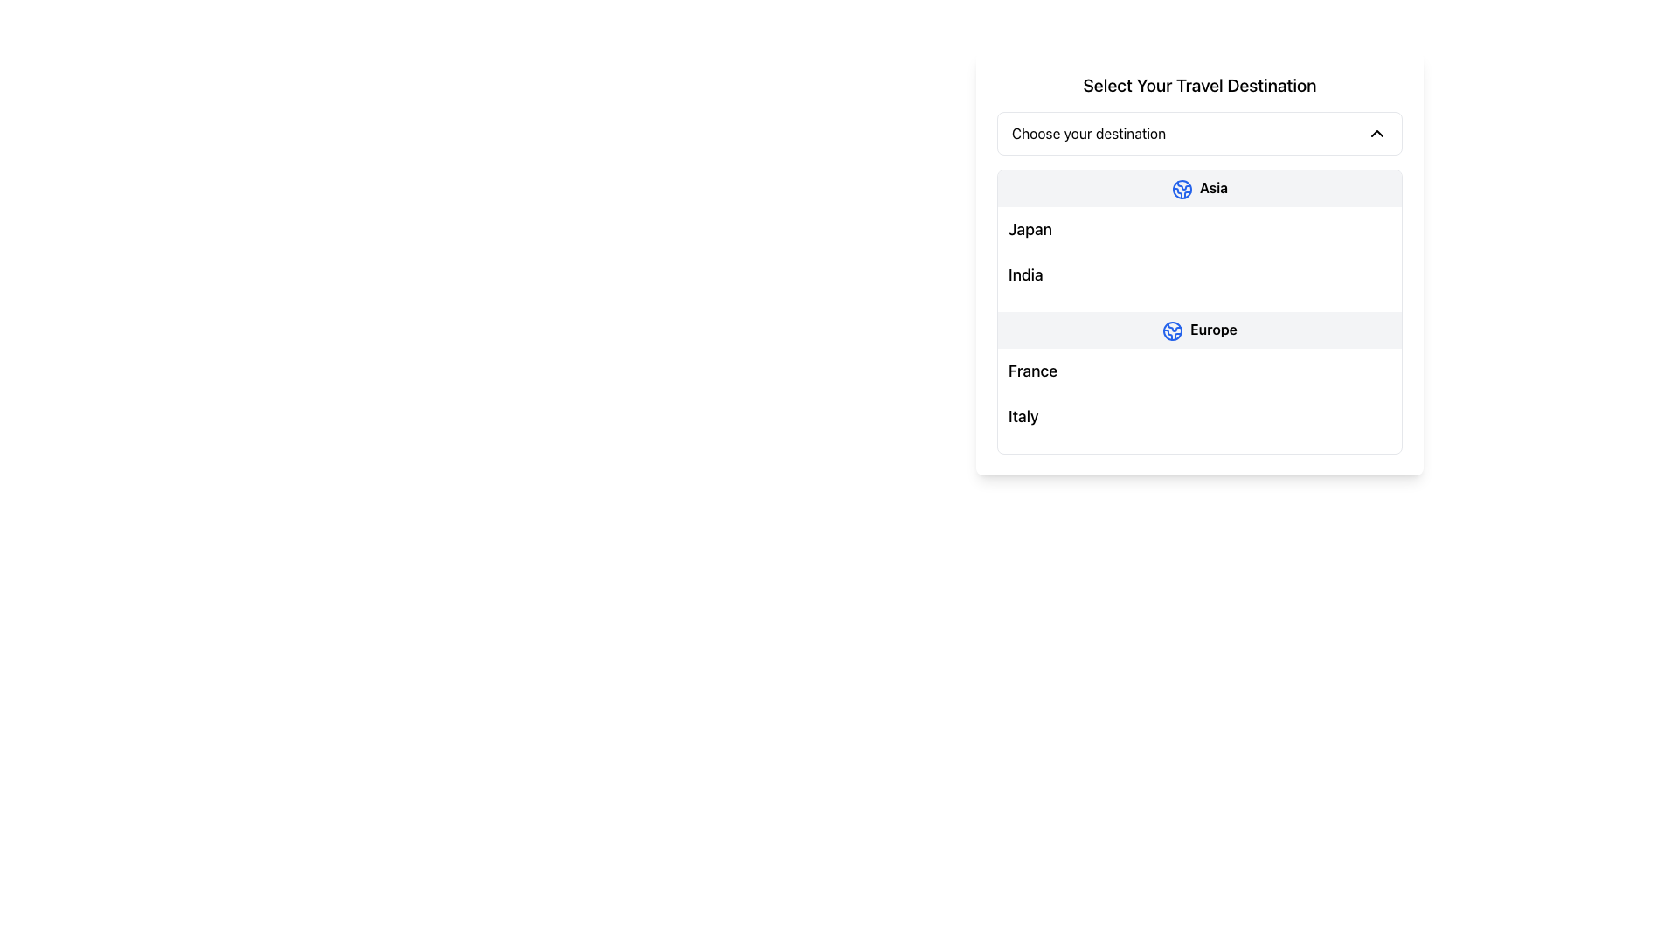 Image resolution: width=1678 pixels, height=944 pixels. I want to click on the geographical region 'Asia' icon, which is positioned to the left of the text 'Asia' in the dropdown interface, so click(1182, 189).